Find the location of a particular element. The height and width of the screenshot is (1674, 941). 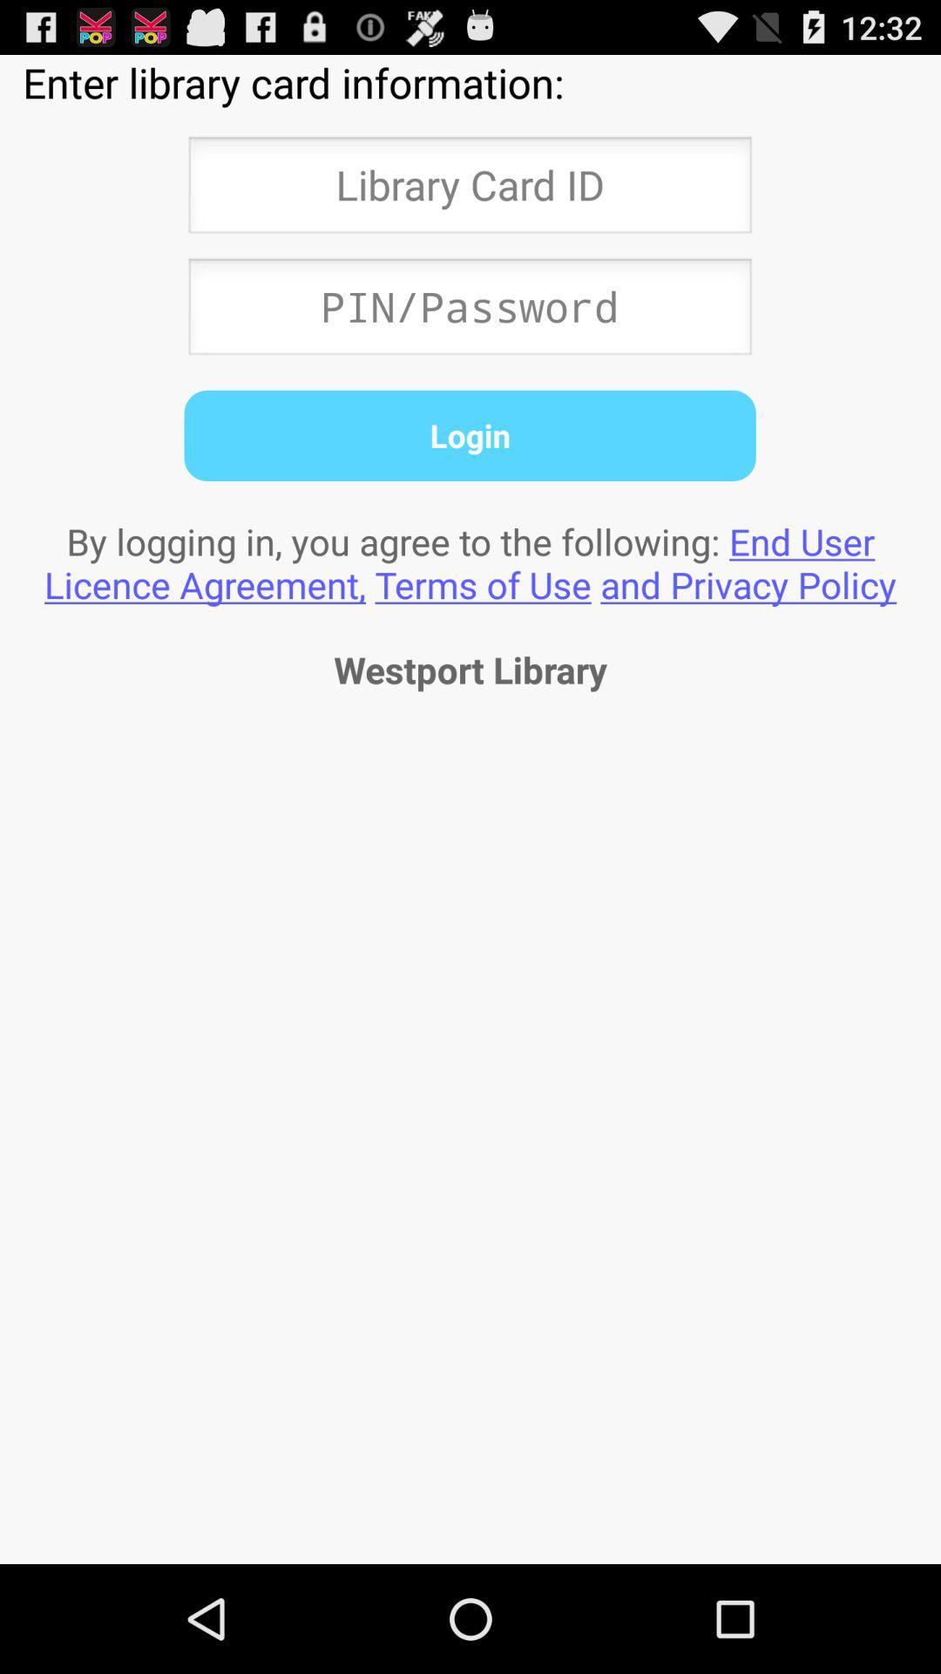

login is located at coordinates (469, 435).